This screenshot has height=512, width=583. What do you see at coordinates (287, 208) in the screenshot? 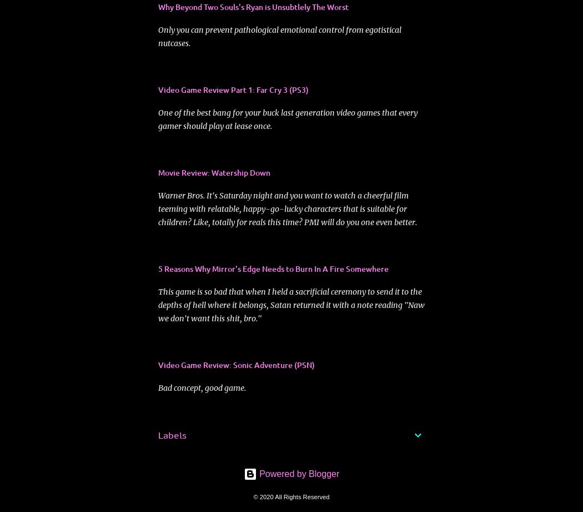
I see `'Warner Bros.                    It's Saturday night and you want to watch a cheerful film teeming with relatable, happy-go-lucky characters that is suitable for children? Like, totally for reals this time? PMI will do you one even better.'` at bounding box center [287, 208].